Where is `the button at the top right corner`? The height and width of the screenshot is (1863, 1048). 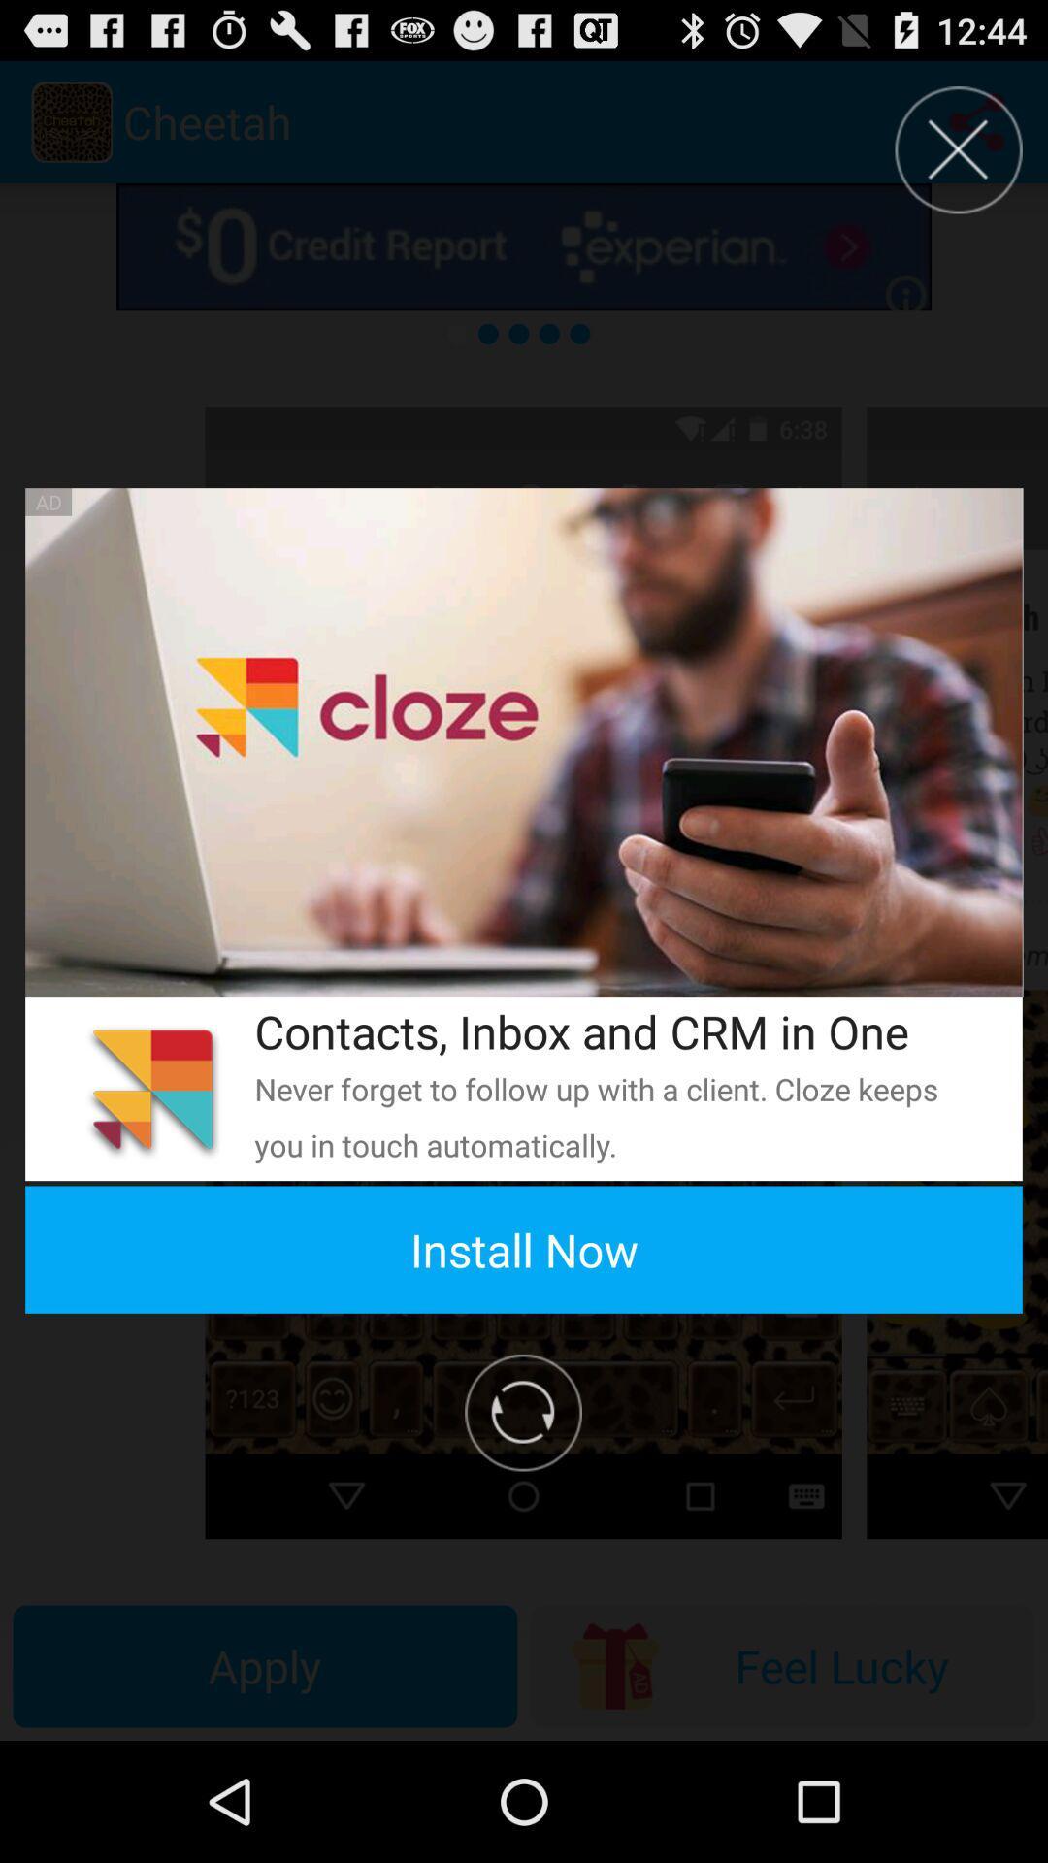
the button at the top right corner is located at coordinates (958, 148).